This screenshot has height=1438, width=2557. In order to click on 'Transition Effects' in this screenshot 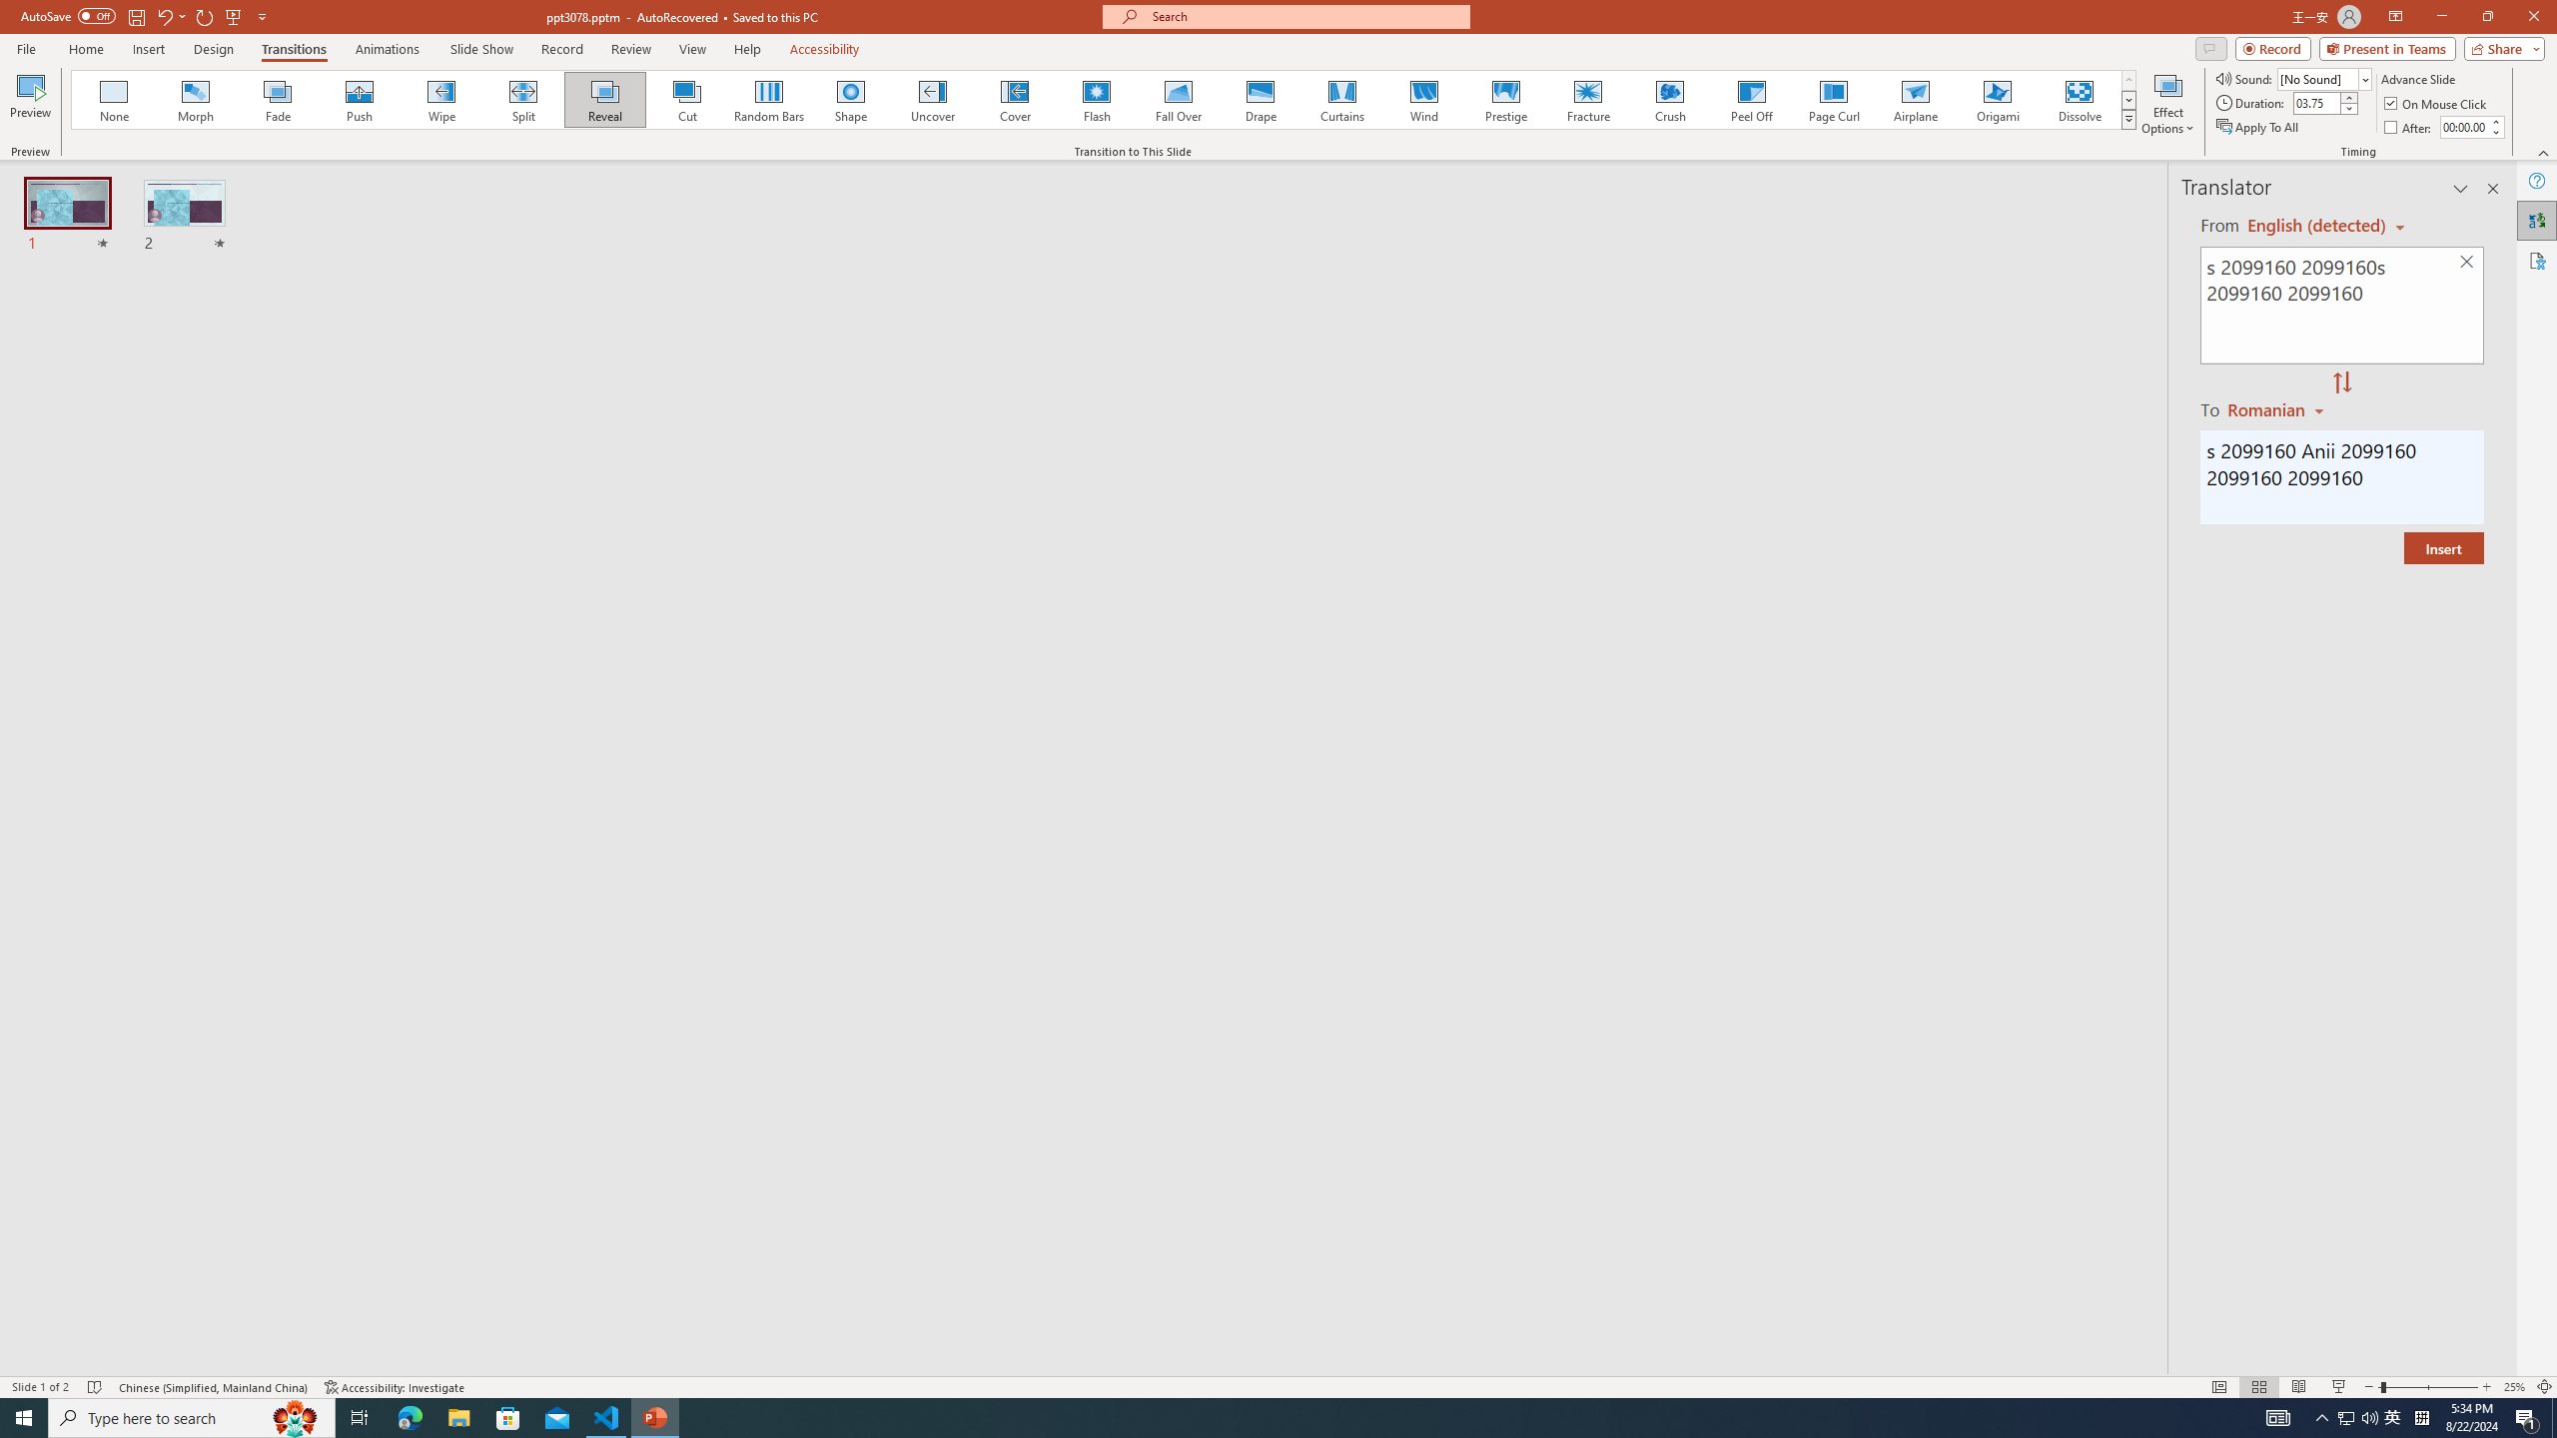, I will do `click(2129, 118)`.